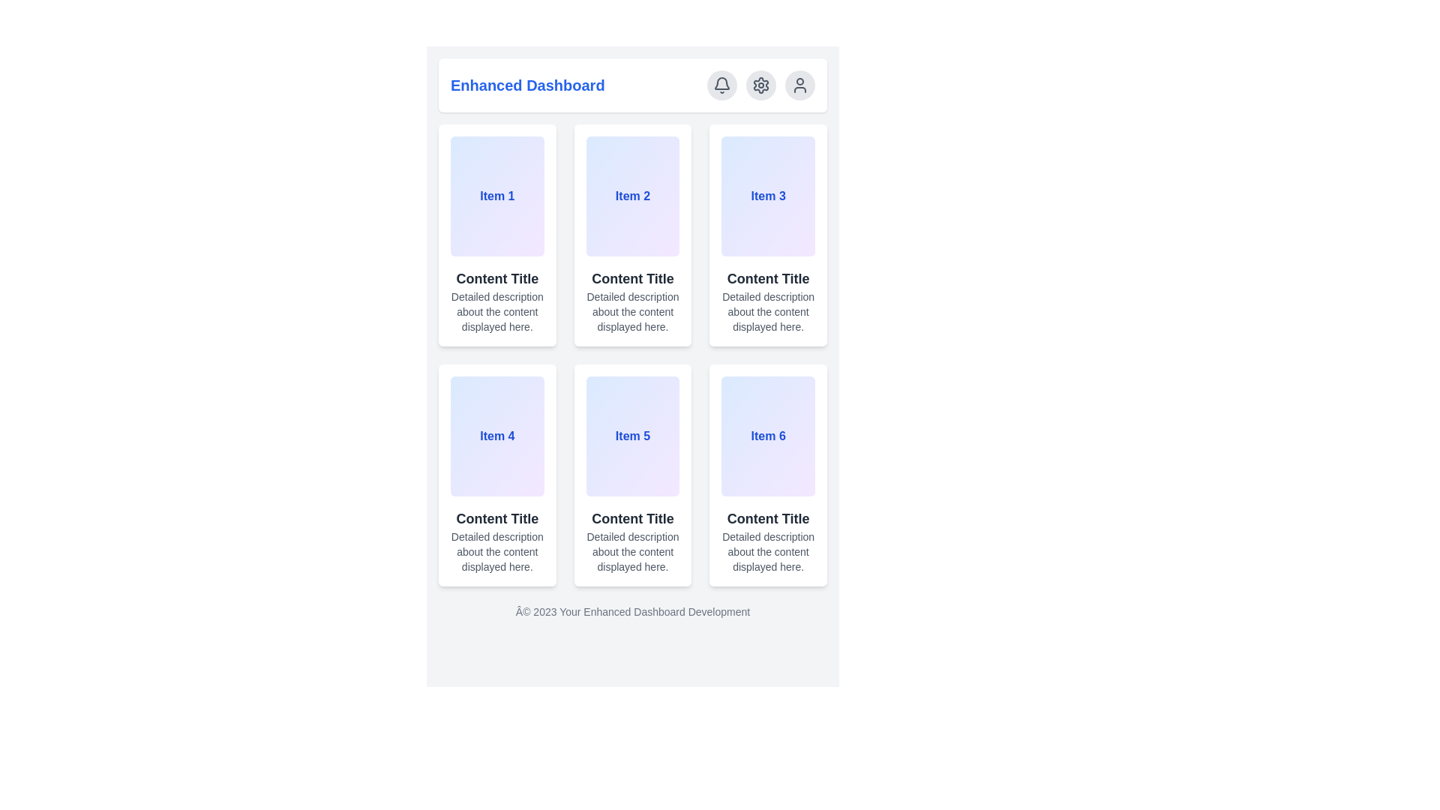 Image resolution: width=1440 pixels, height=810 pixels. Describe the element at coordinates (722, 85) in the screenshot. I see `the notification icon located in the top-right corner of the interface` at that location.